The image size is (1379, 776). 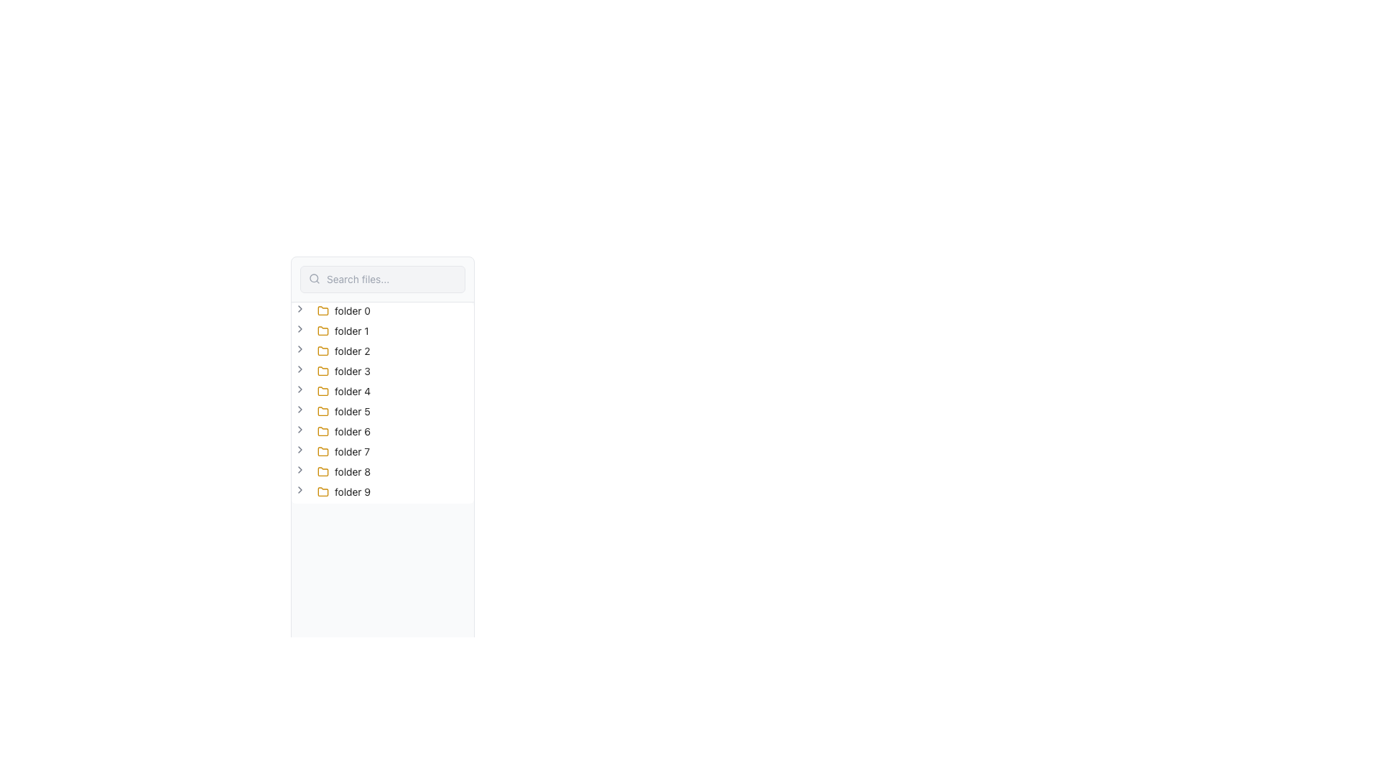 What do you see at coordinates (343, 491) in the screenshot?
I see `the label with icon representing the last folder item` at bounding box center [343, 491].